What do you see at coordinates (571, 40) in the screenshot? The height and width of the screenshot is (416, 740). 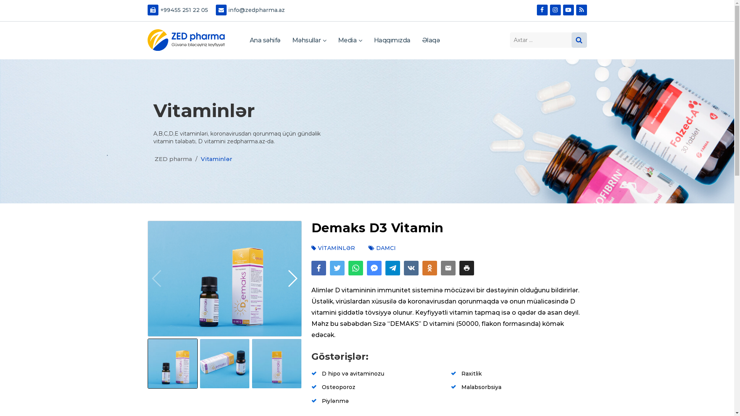 I see `'Axtar'` at bounding box center [571, 40].